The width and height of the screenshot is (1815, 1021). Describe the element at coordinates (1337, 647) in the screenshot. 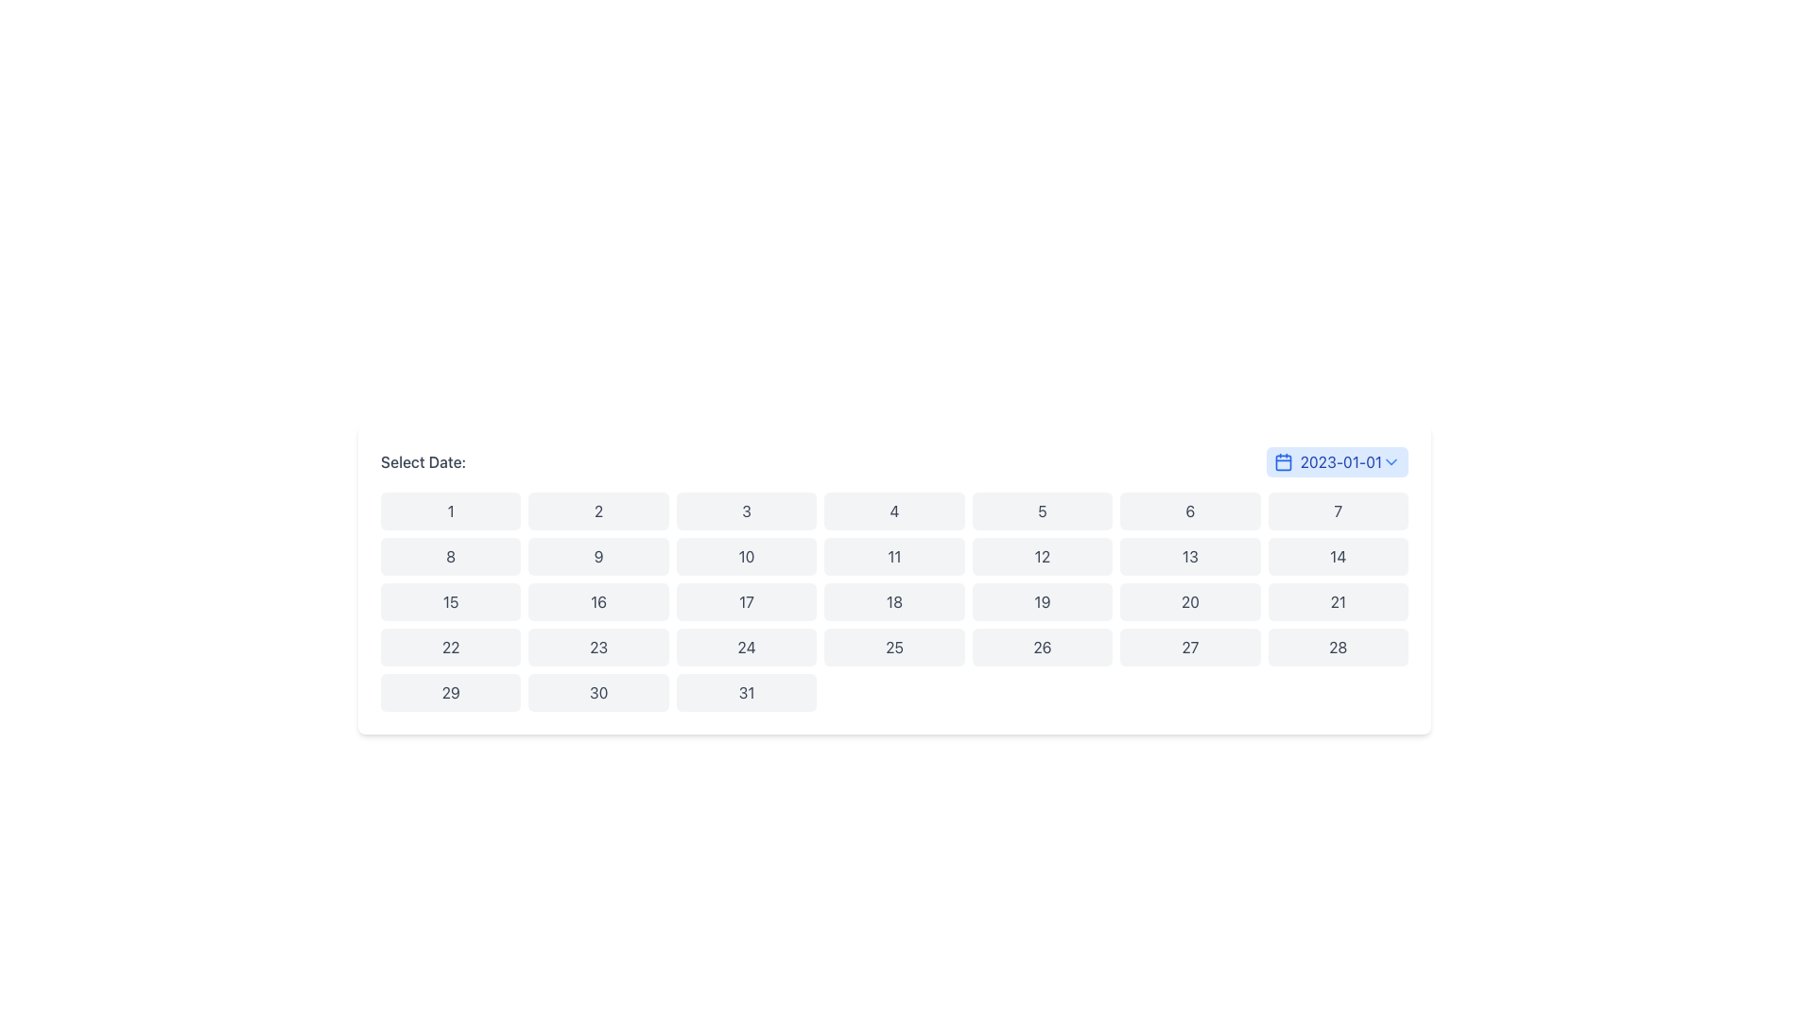

I see `the button displaying the number '28' located in the 5th row and 7th column of the grid` at that location.